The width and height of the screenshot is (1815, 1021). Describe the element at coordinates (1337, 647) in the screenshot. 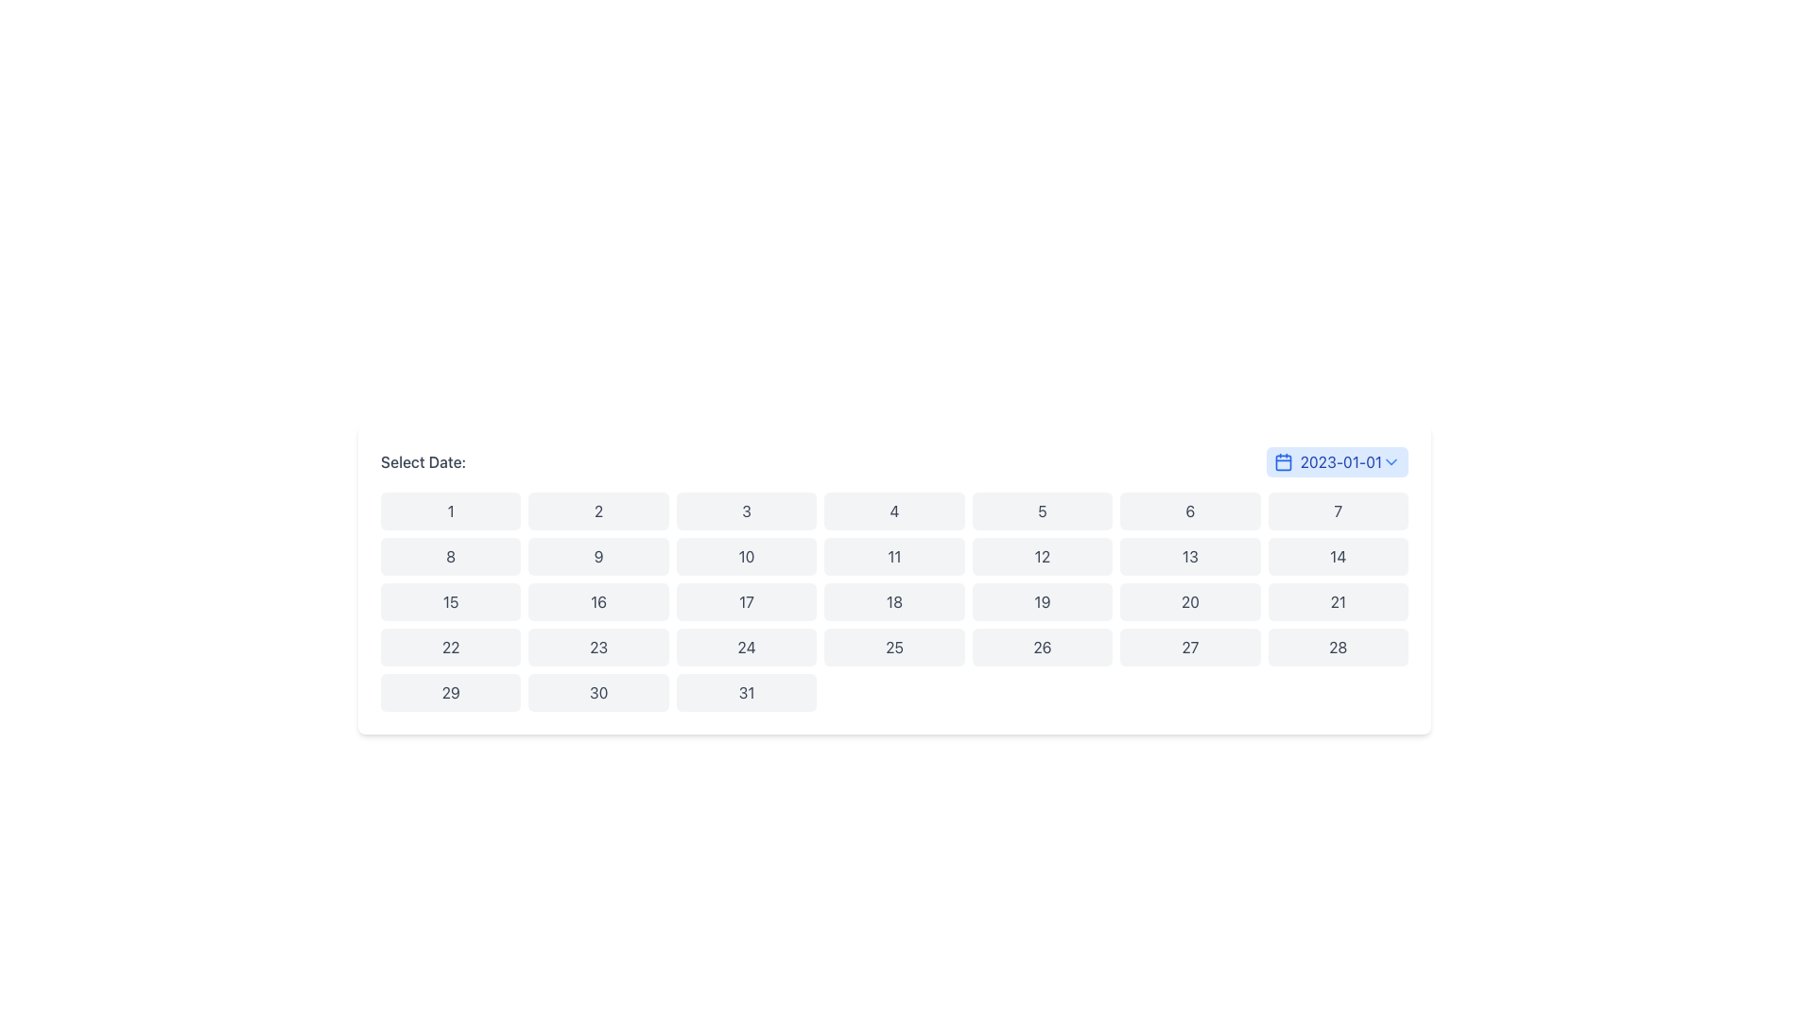

I see `the button displaying the number '28' located in the 5th row and 7th column of the grid` at that location.